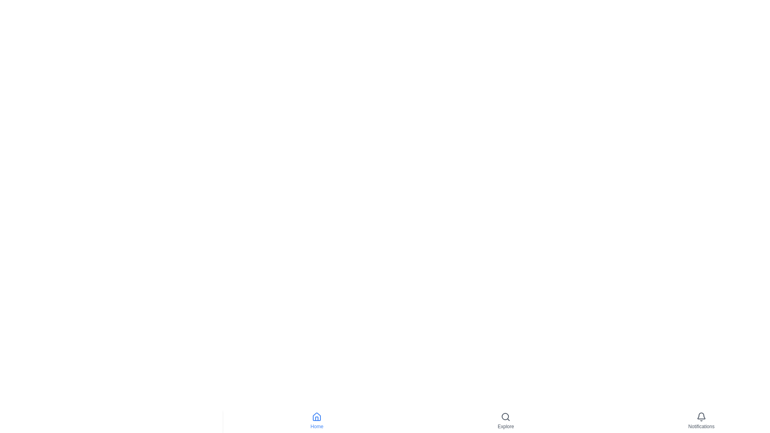  What do you see at coordinates (316, 417) in the screenshot?
I see `the small house-shaped icon with a blue outline and white fill, located in the navigation bar above the 'Home' label` at bounding box center [316, 417].